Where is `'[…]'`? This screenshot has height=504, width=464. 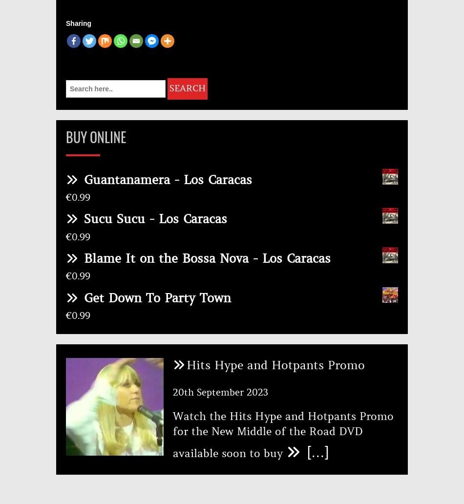 '[…]' is located at coordinates (315, 451).